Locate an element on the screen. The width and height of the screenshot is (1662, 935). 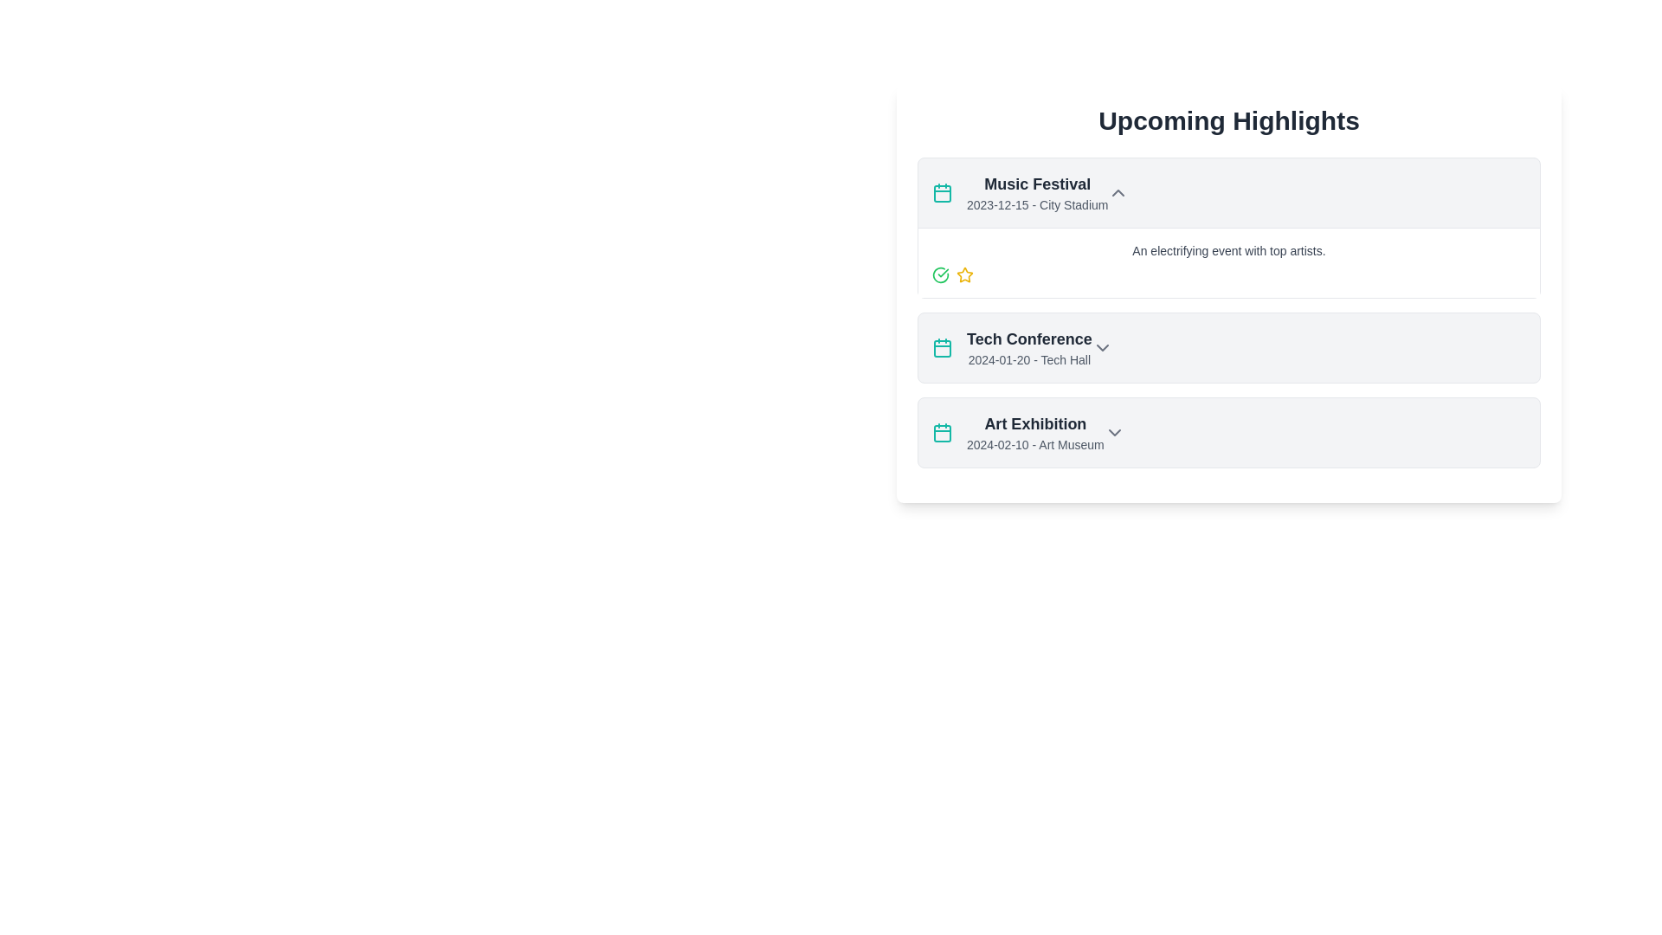
the calendar icon styled in teal, which is the leftmost element in the 'Art Exhibition' entry, by clicking on it is located at coordinates (942, 432).